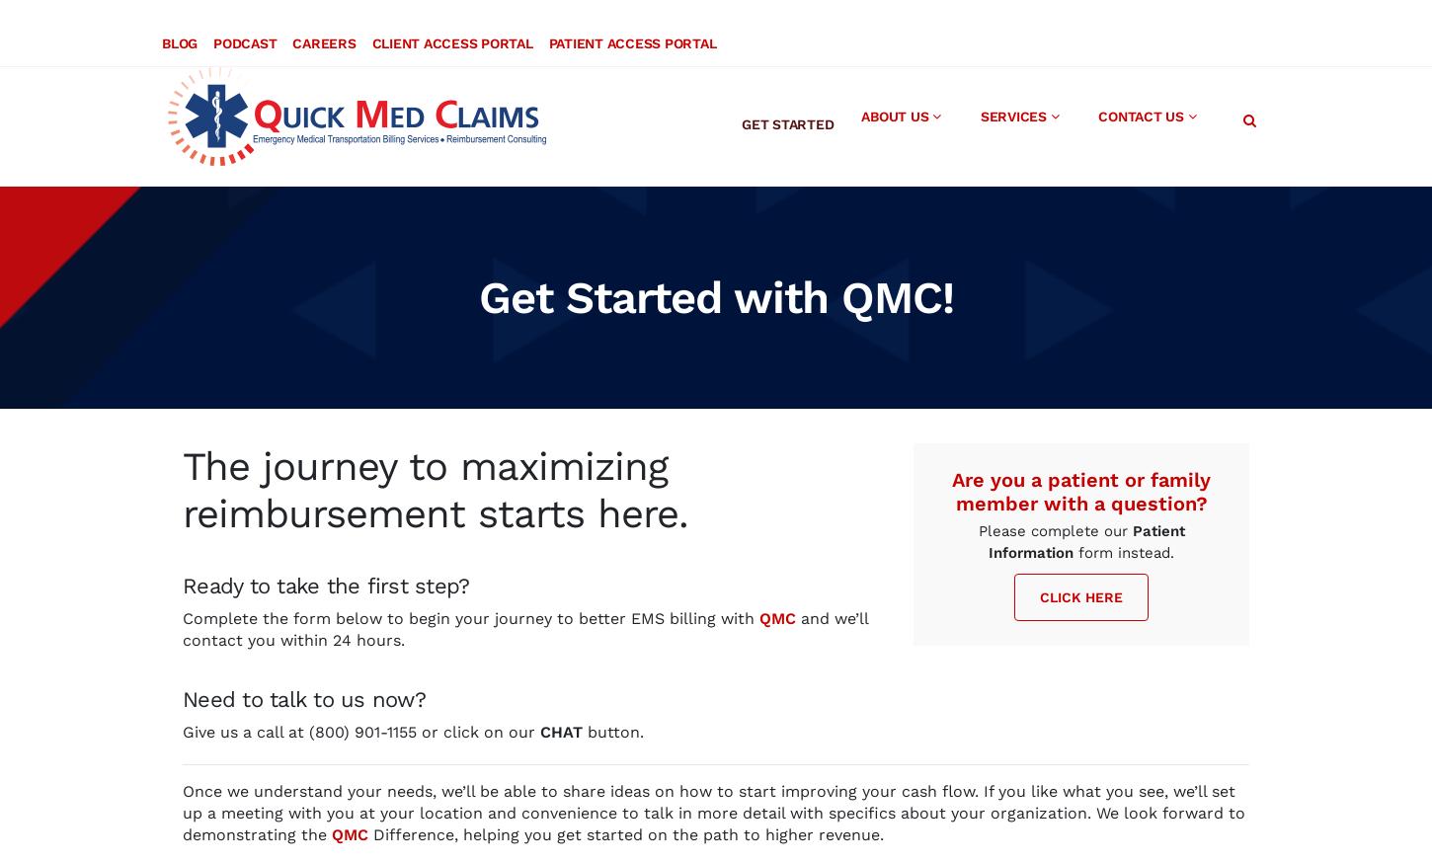 The width and height of the screenshot is (1432, 862). I want to click on 'Services', so click(1012, 98).